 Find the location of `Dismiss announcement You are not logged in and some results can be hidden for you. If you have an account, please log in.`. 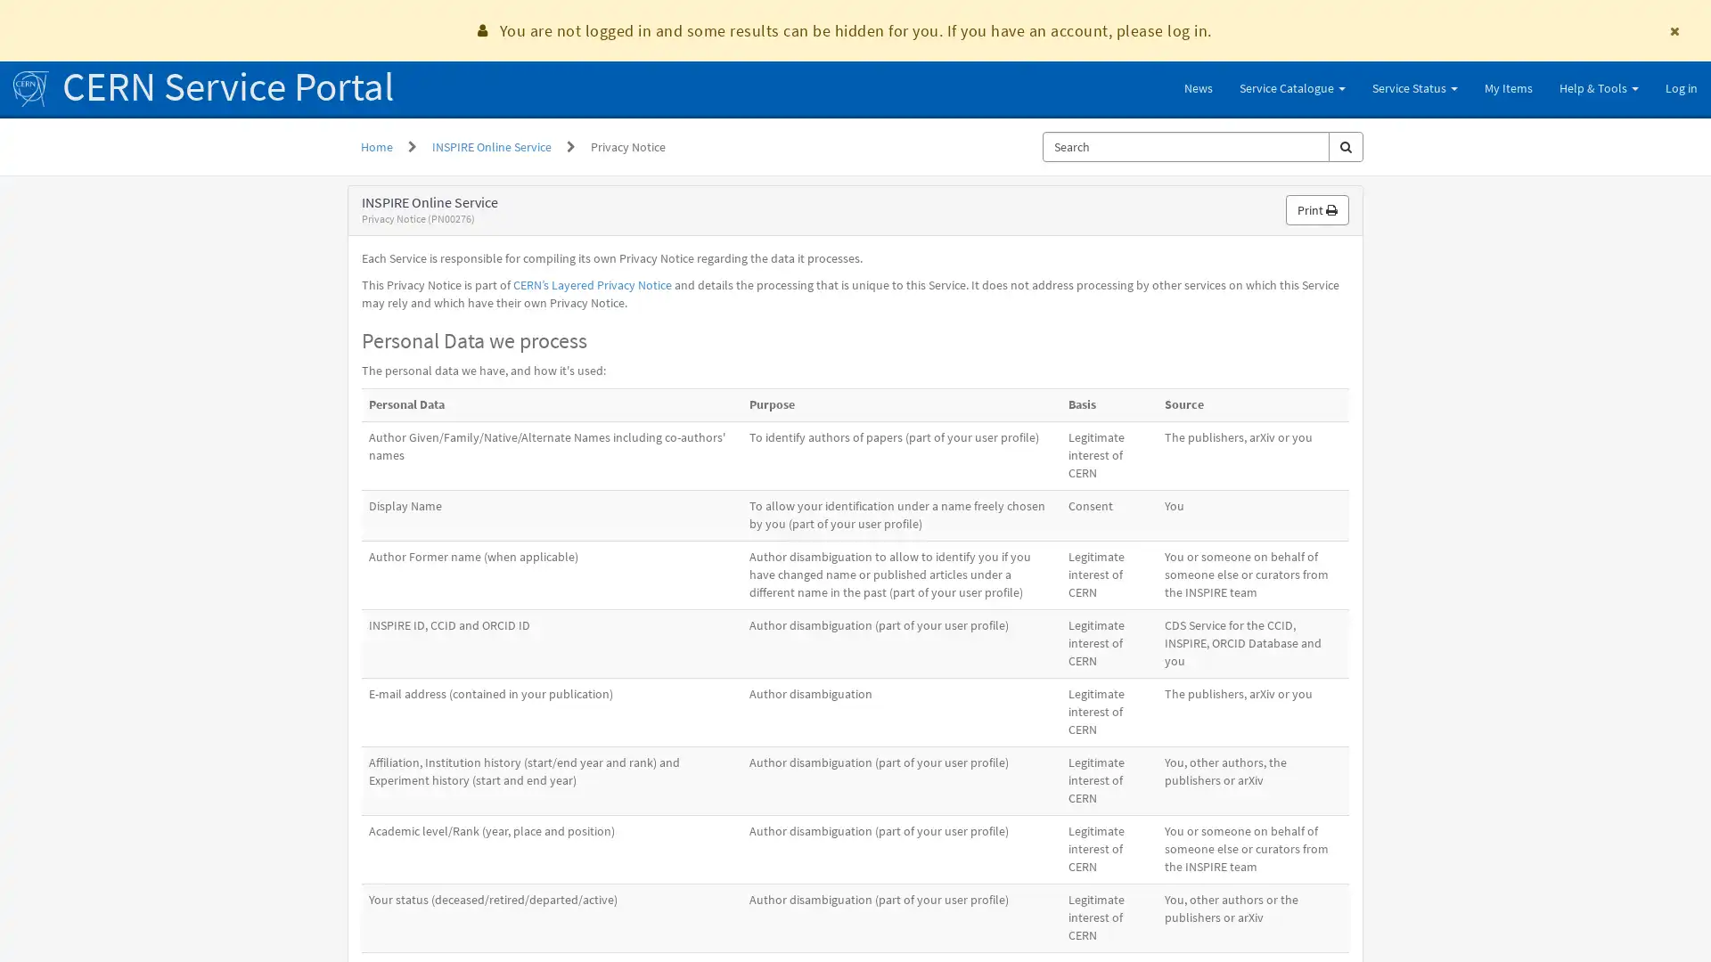

Dismiss announcement You are not logged in and some results can be hidden for you. If you have an account, please log in. is located at coordinates (1668, 27).